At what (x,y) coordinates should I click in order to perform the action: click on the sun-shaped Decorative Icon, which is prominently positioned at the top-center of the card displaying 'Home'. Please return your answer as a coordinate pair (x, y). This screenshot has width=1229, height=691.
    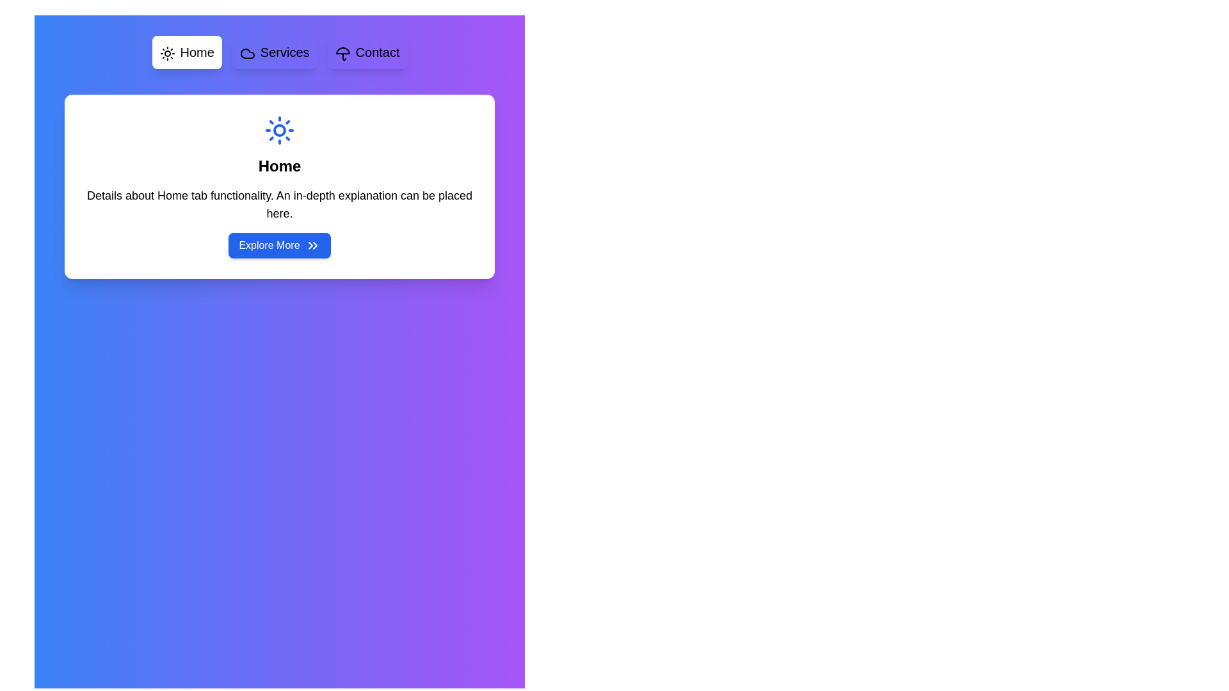
    Looking at the image, I should click on (278, 131).